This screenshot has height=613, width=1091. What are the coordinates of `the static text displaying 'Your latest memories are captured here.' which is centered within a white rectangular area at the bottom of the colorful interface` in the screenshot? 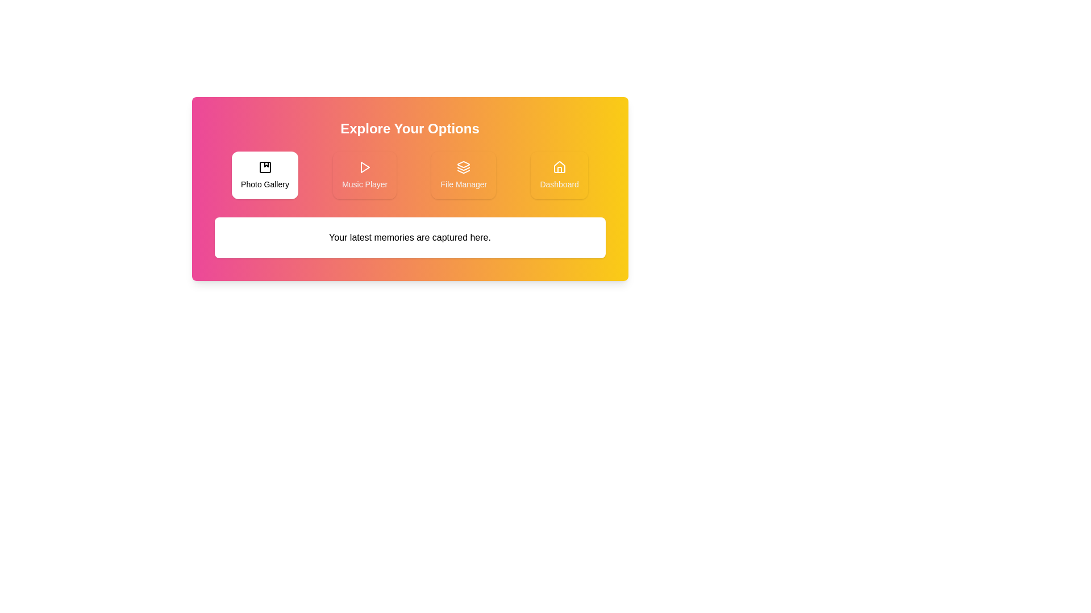 It's located at (409, 237).